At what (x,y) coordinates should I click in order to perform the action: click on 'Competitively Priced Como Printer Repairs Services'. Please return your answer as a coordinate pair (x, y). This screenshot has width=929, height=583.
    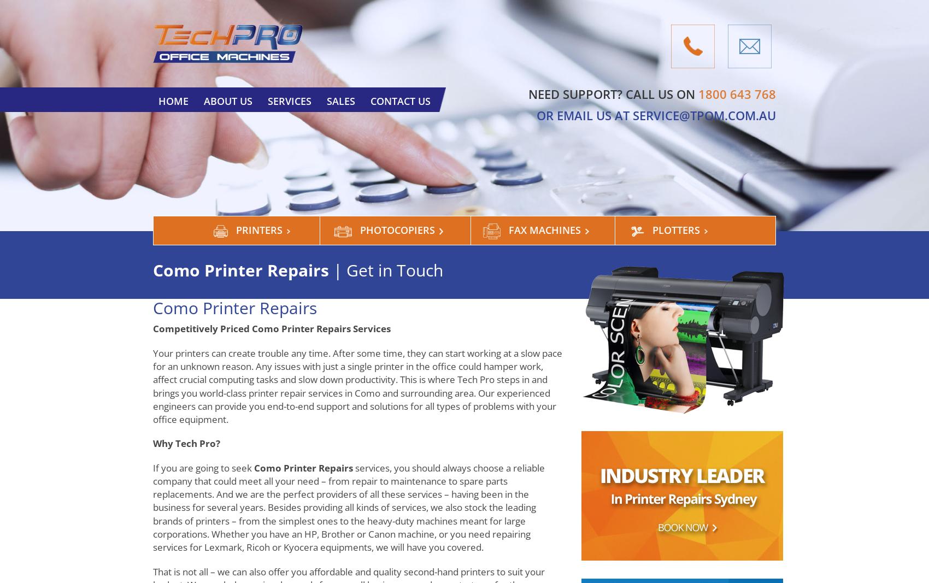
    Looking at the image, I should click on (272, 328).